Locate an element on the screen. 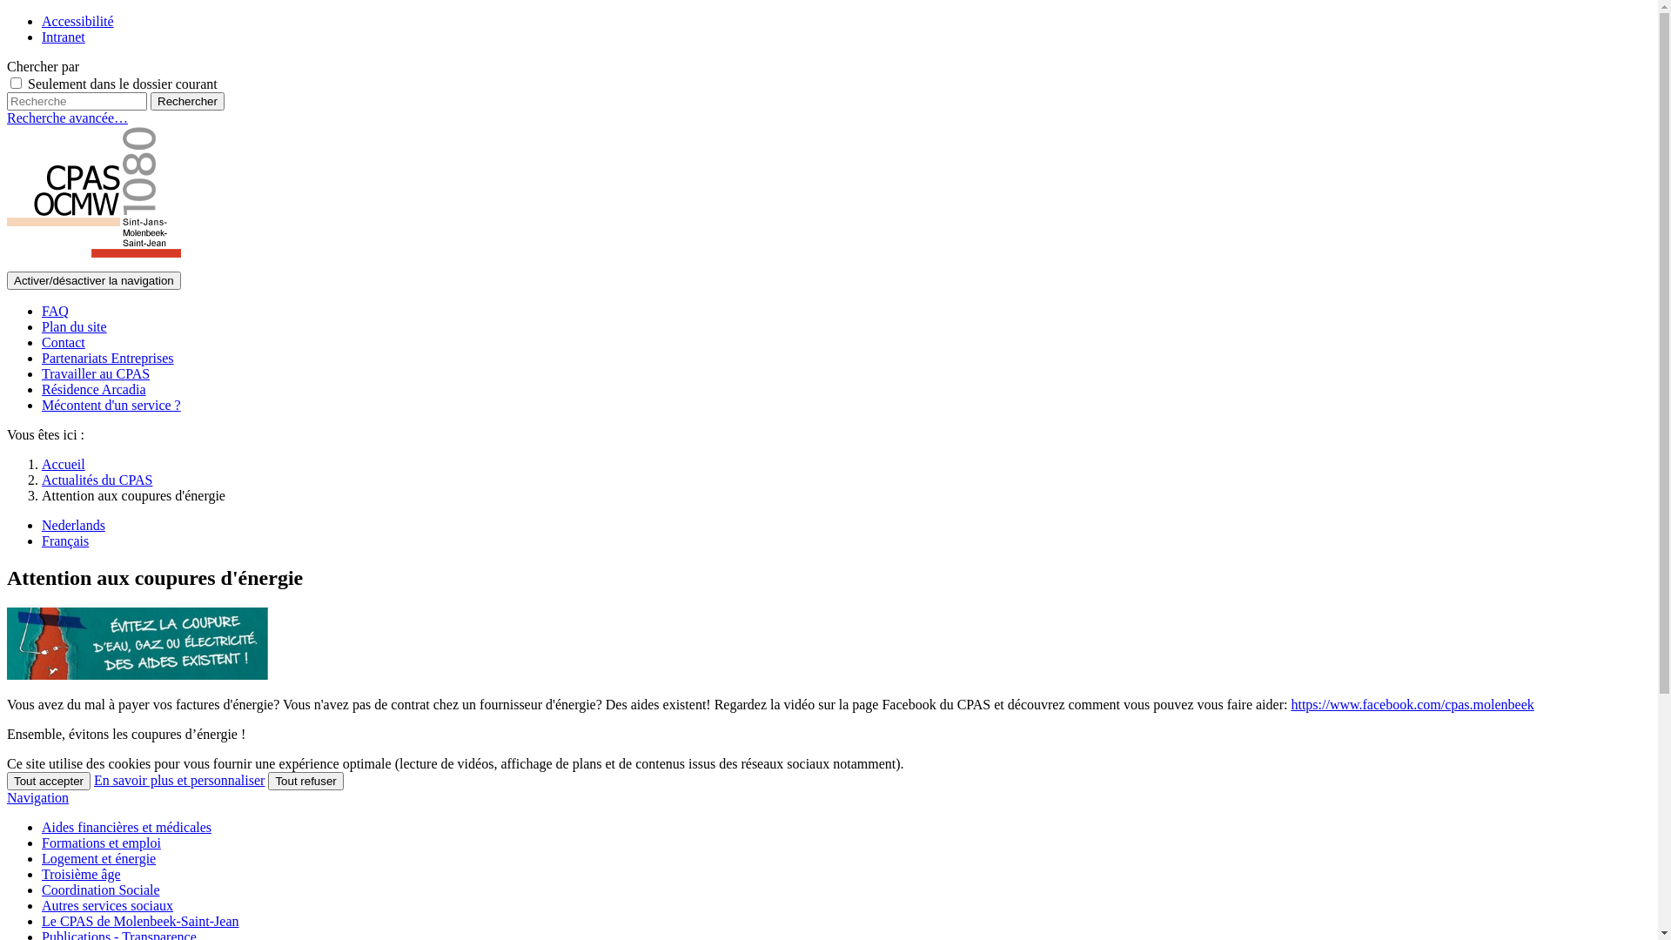 The image size is (1671, 940). 'Nederlands' is located at coordinates (72, 524).